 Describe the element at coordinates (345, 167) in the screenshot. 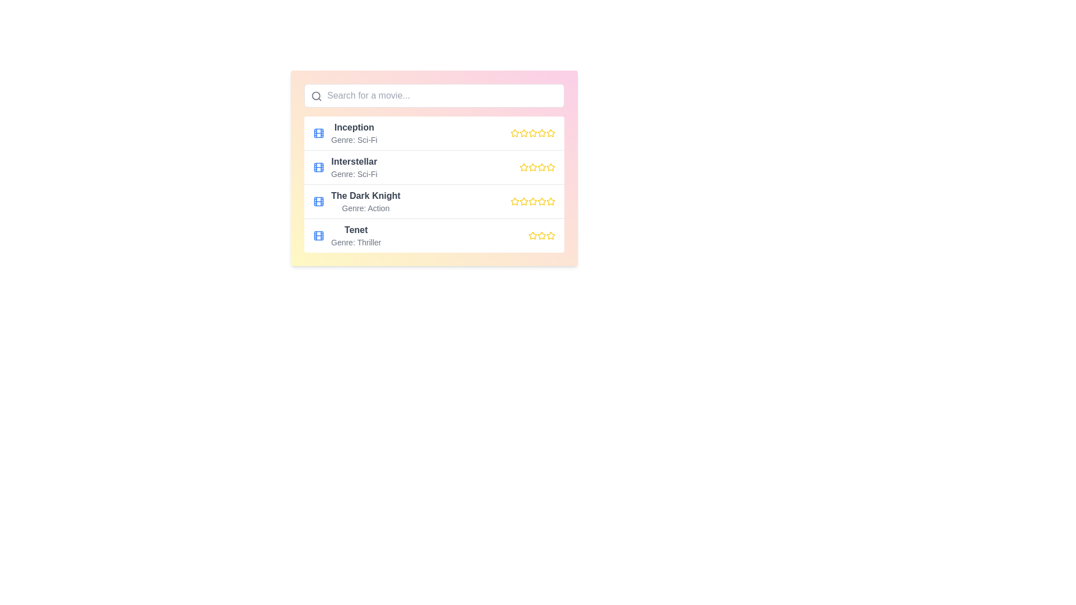

I see `the List Item displaying the movie title 'Interstellar' with its genre 'Genre: Sci-Fi' and a blue film icon, which is the second item in the vertical list of movie titles` at that location.